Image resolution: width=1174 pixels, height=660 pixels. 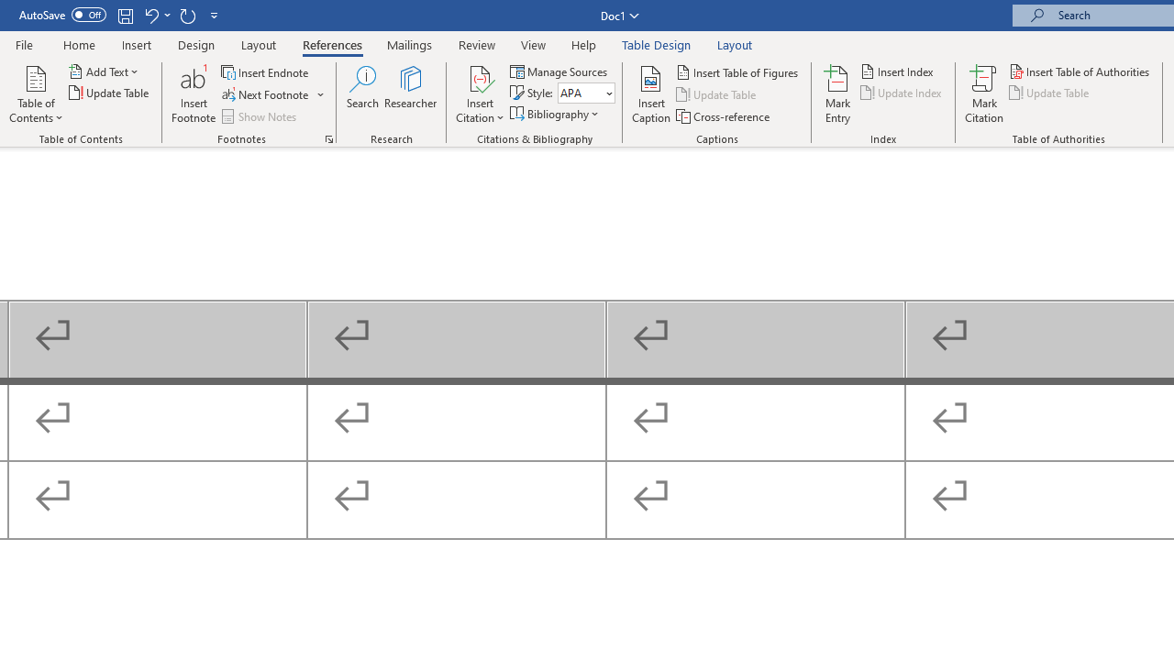 What do you see at coordinates (260, 116) in the screenshot?
I see `'Show Notes'` at bounding box center [260, 116].